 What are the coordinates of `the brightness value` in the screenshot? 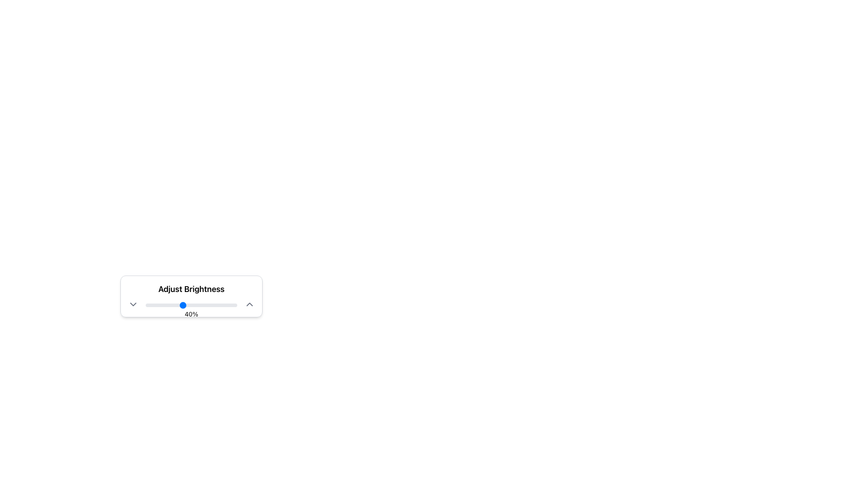 It's located at (157, 304).